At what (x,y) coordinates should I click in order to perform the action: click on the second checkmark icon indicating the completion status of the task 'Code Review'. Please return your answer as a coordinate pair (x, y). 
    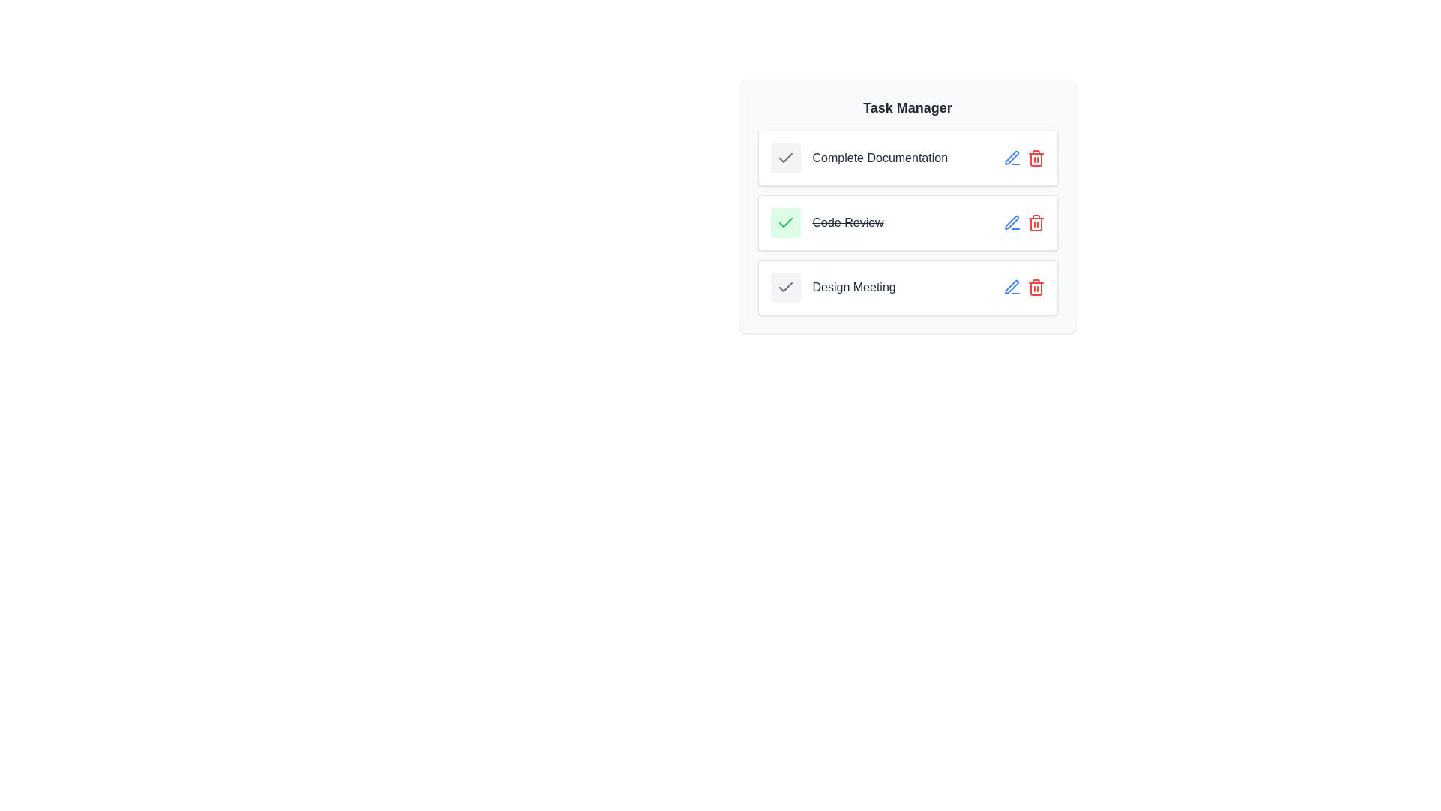
    Looking at the image, I should click on (784, 158).